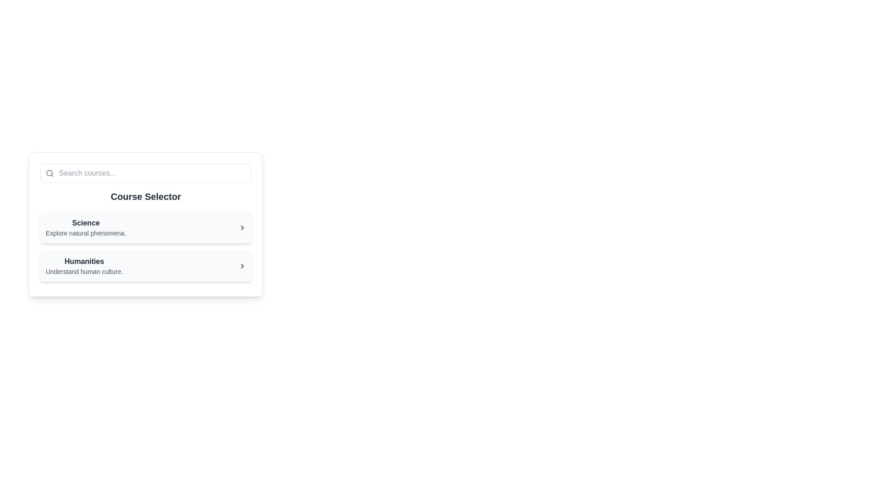  I want to click on the 'Humanities' selectable list item card, which is the second card in the 'Course Selector' stacked list, so click(145, 266).